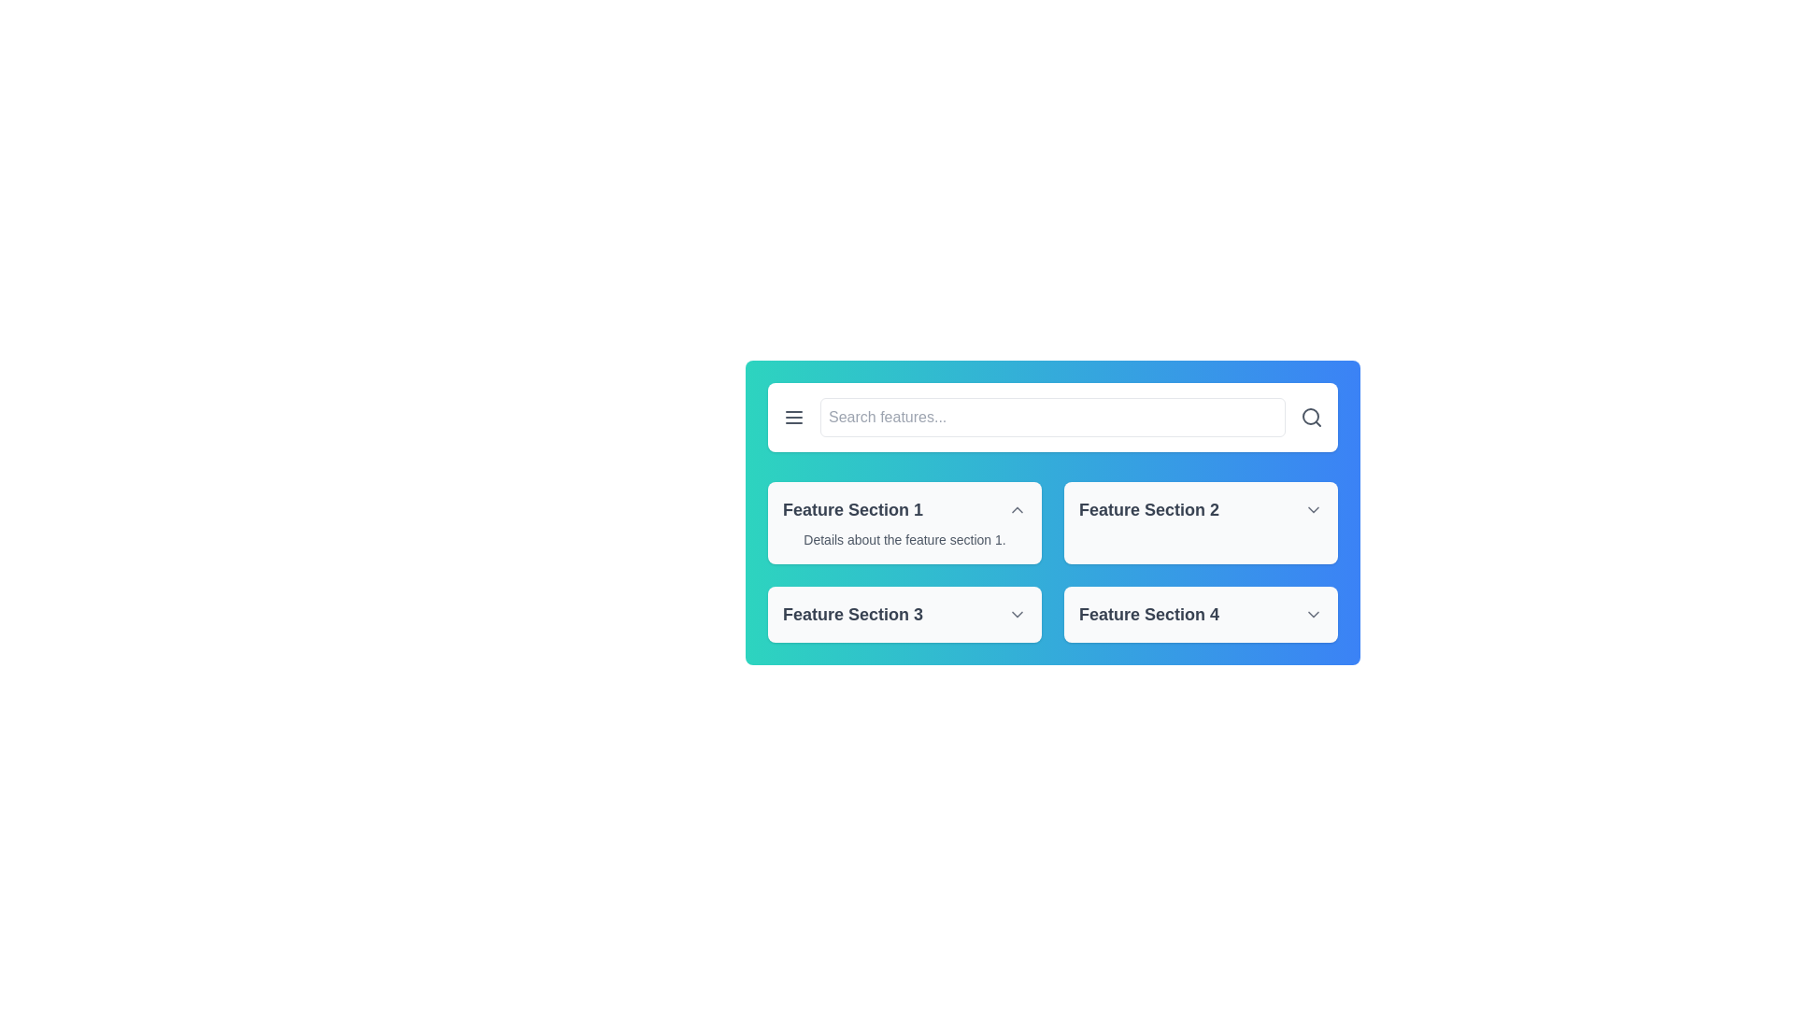  What do you see at coordinates (1201, 615) in the screenshot?
I see `the Collapsible Section Header for 'Feature Section 4'` at bounding box center [1201, 615].